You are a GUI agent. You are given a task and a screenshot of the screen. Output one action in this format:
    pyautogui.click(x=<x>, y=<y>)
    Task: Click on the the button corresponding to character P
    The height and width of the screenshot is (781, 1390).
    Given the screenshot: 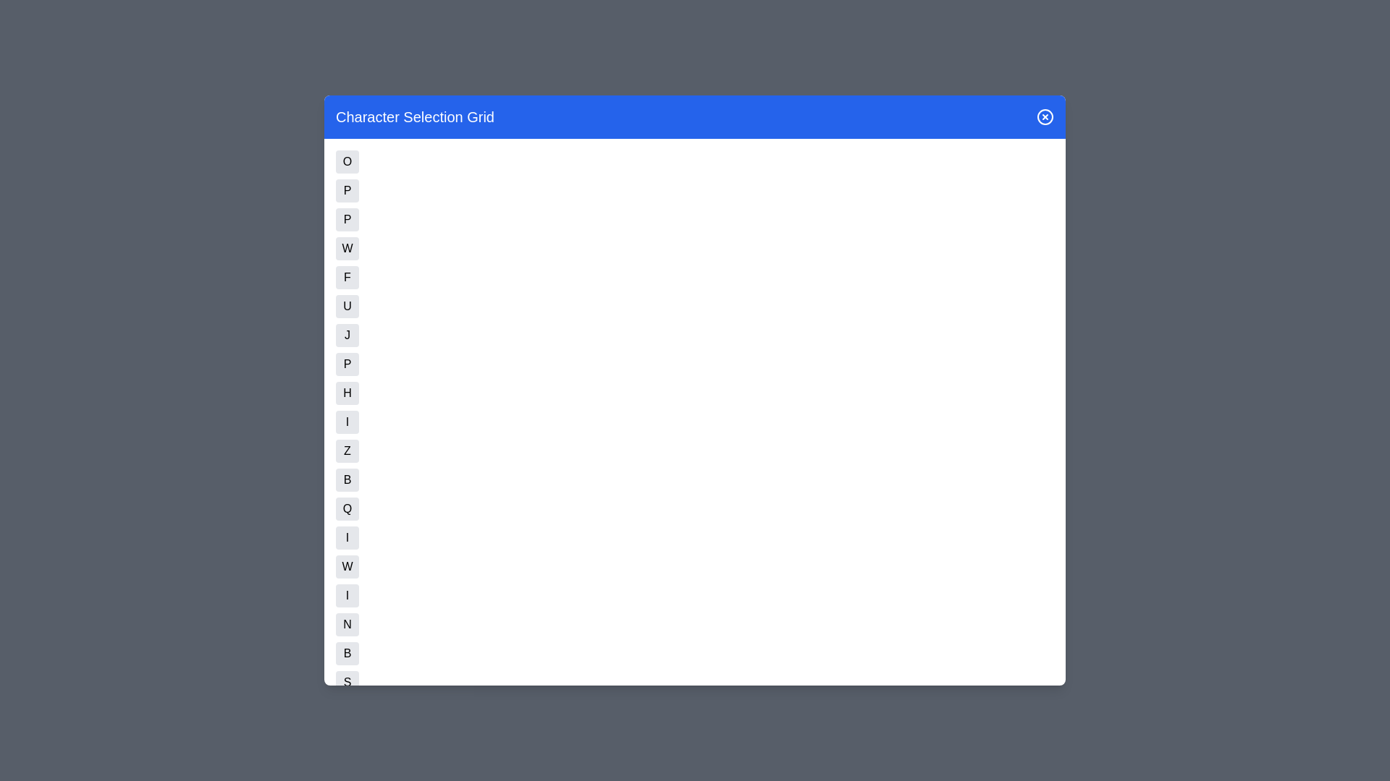 What is the action you would take?
    pyautogui.click(x=347, y=189)
    